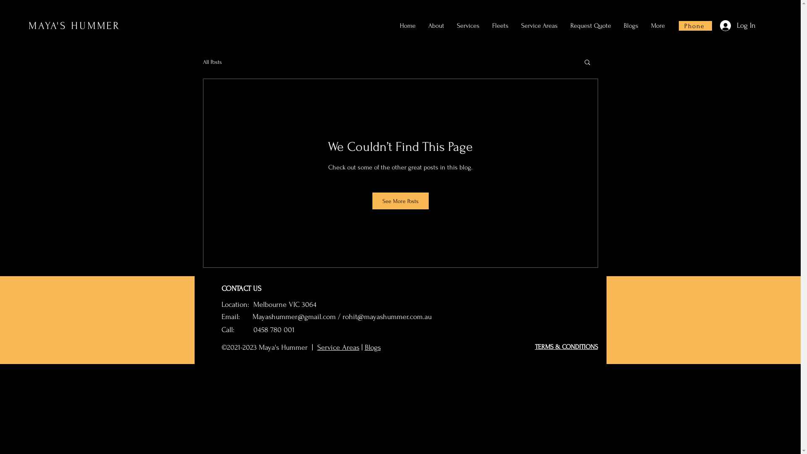 Image resolution: width=807 pixels, height=454 pixels. I want to click on ' 0458 780 001', so click(273, 329).